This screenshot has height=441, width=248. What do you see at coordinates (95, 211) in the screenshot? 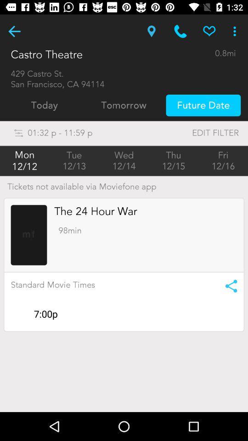
I see `the item above 98min item` at bounding box center [95, 211].